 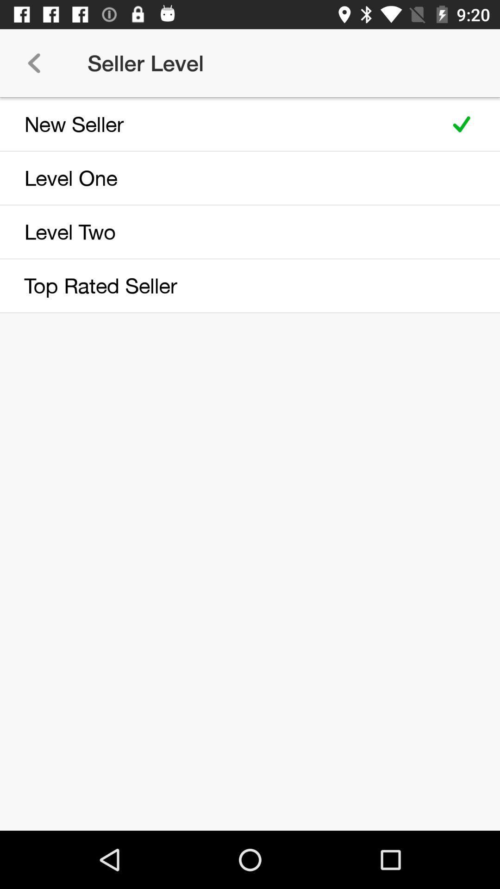 What do you see at coordinates (33, 63) in the screenshot?
I see `icon next to the seller level item` at bounding box center [33, 63].